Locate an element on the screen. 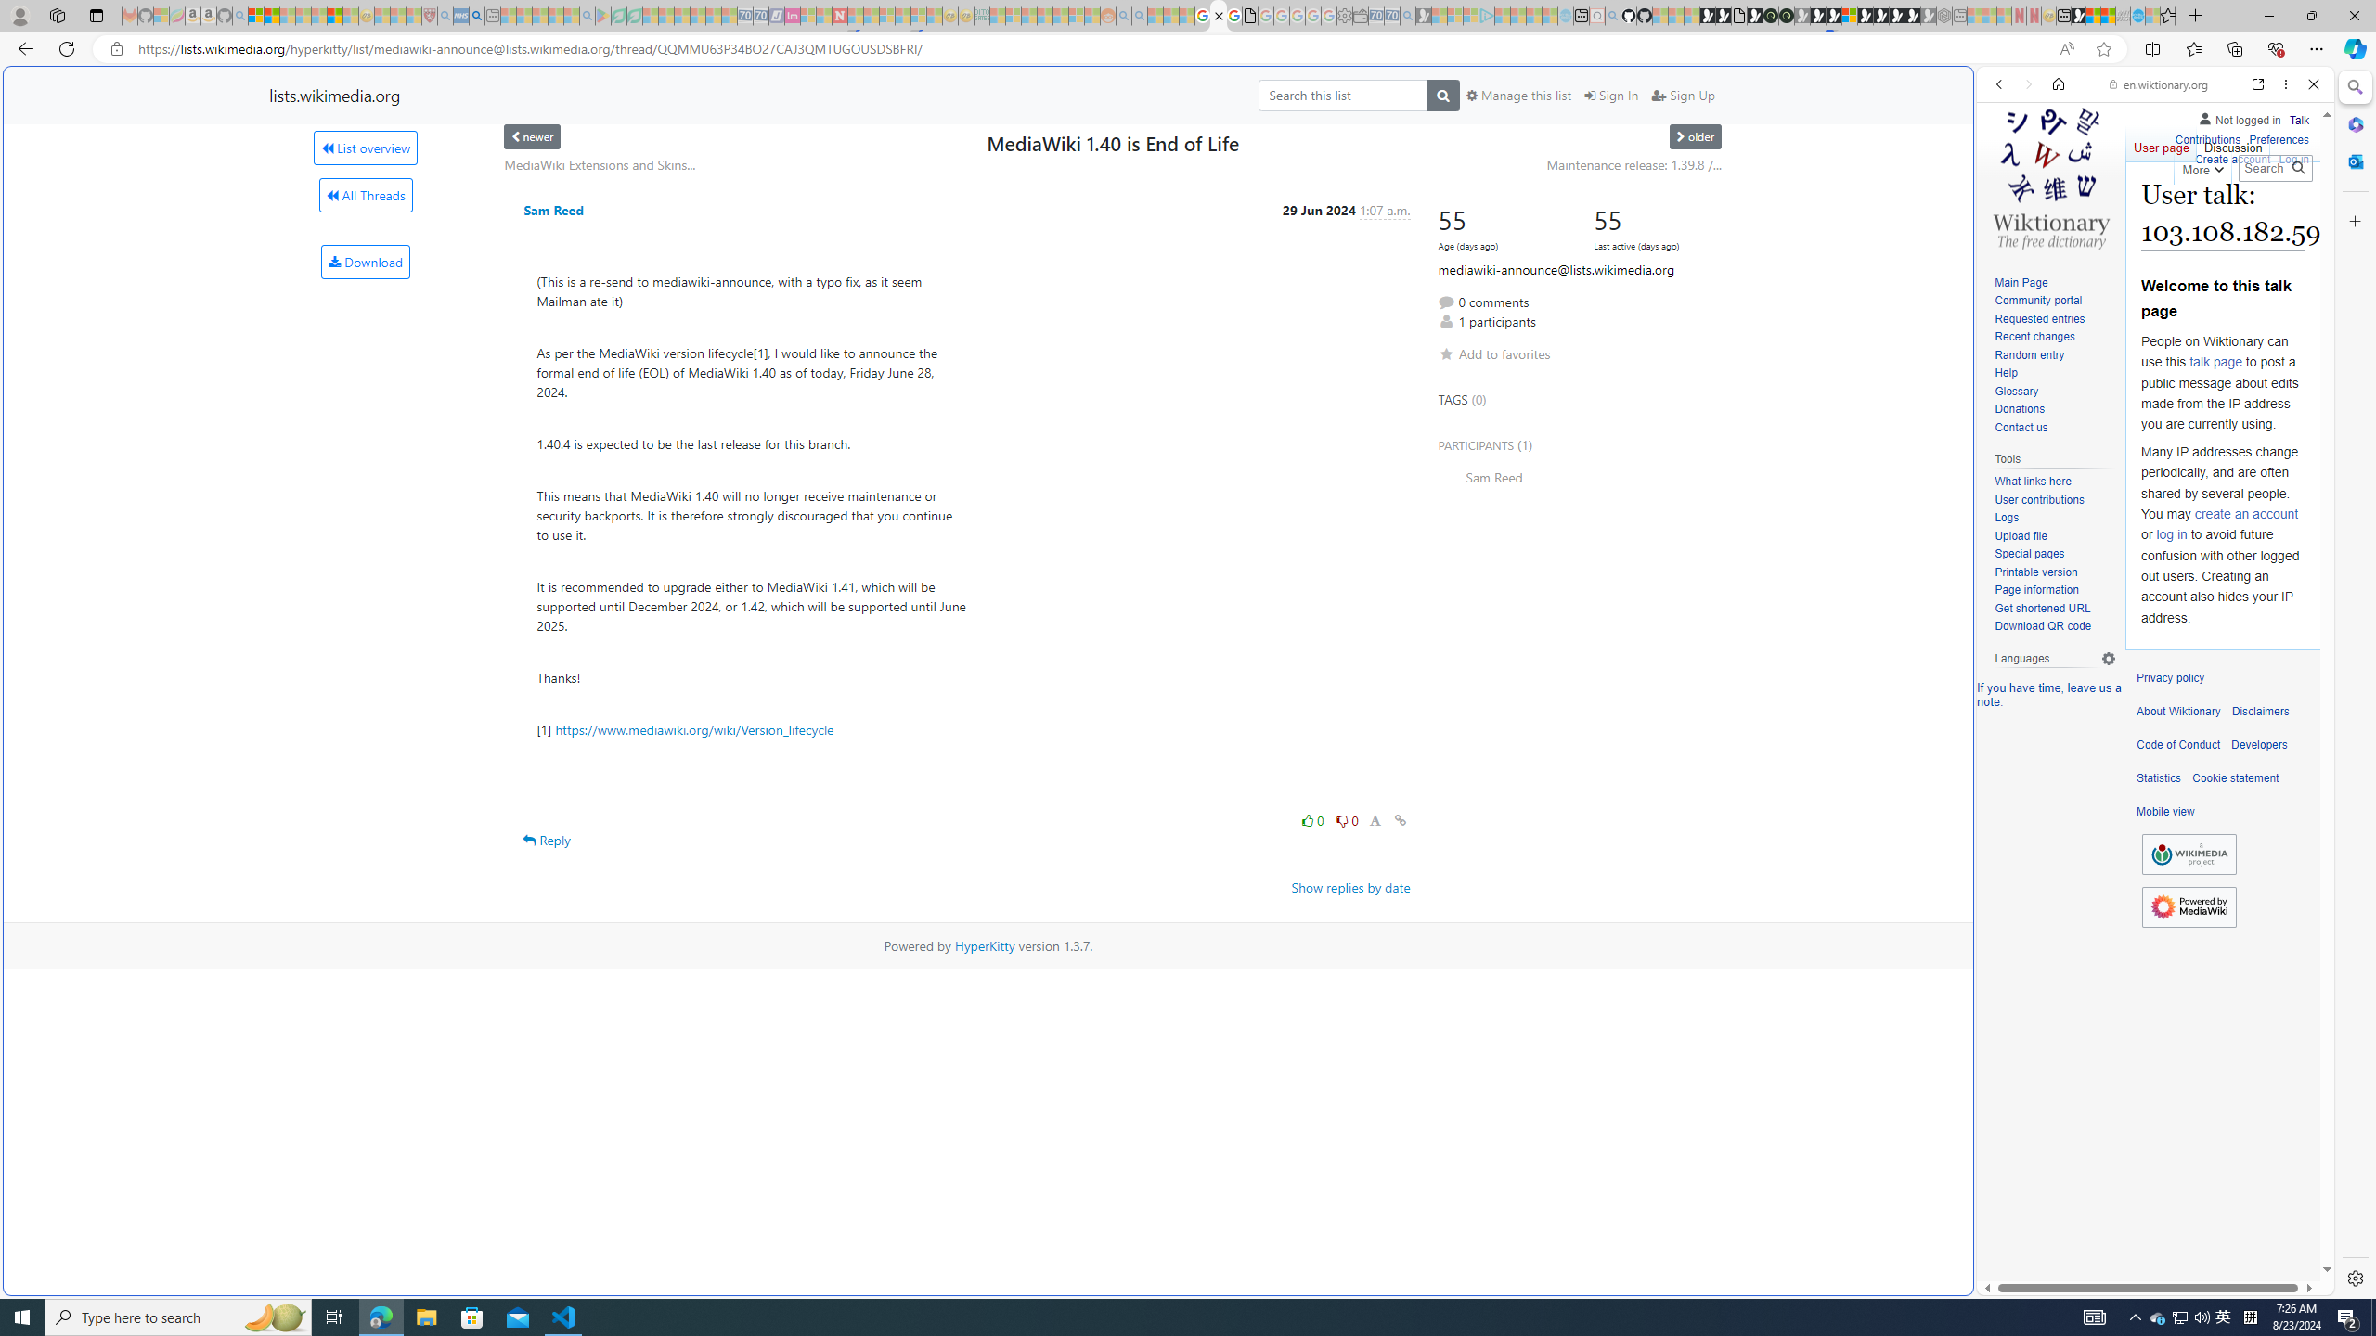 Image resolution: width=2376 pixels, height=1336 pixels. 'Help' is located at coordinates (2054, 373).